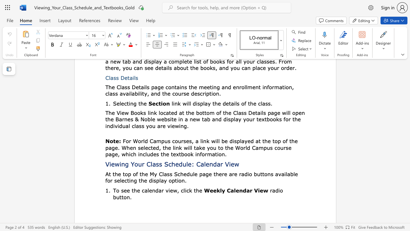 The image size is (410, 231). What do you see at coordinates (124, 190) in the screenshot?
I see `the subset text "ee the calendar view, clic" within the text "To see the calendar view, click the"` at bounding box center [124, 190].